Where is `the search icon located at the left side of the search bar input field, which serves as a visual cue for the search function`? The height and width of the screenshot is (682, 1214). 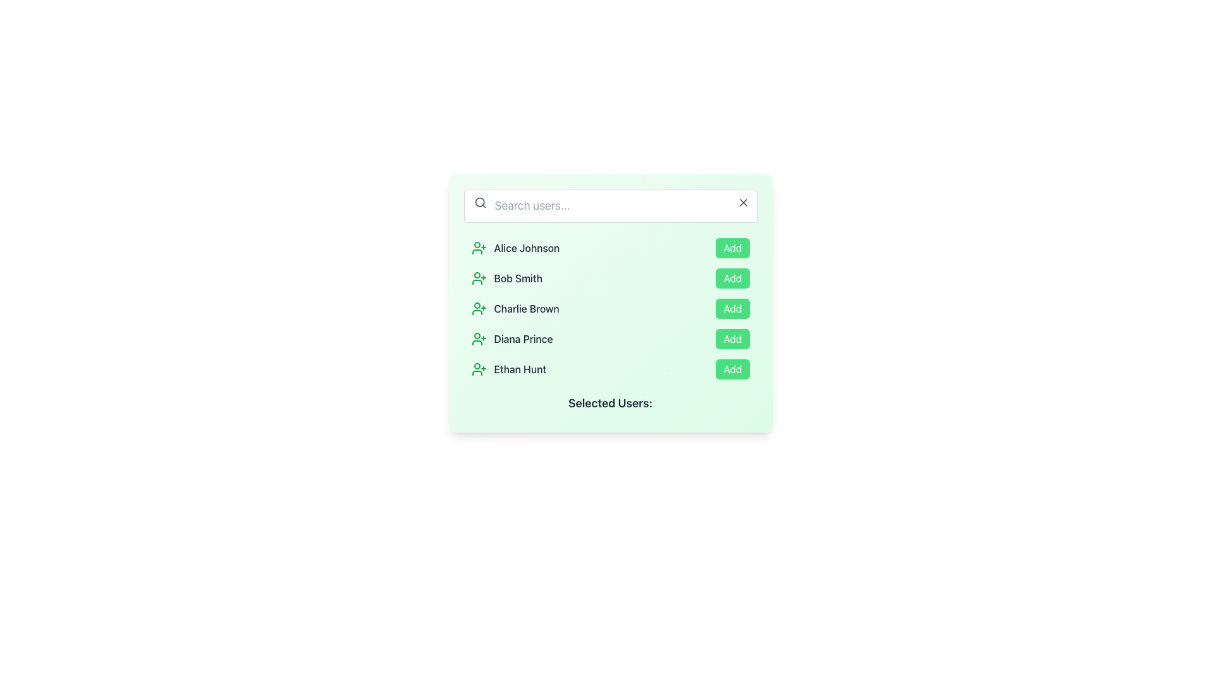 the search icon located at the left side of the search bar input field, which serves as a visual cue for the search function is located at coordinates (479, 201).